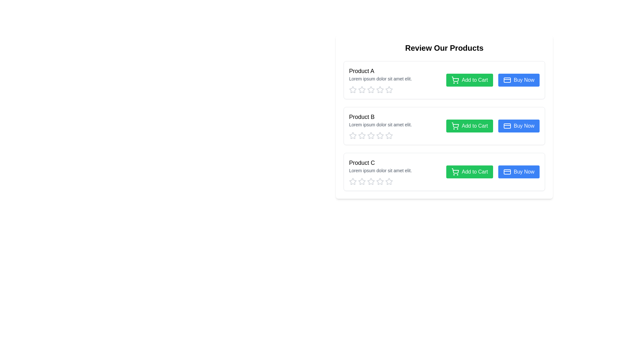 The image size is (620, 349). What do you see at coordinates (455, 79) in the screenshot?
I see `the small green shopping cart icon located to the left of the 'Add to Cart' button to initiate the add-to-cart action` at bounding box center [455, 79].